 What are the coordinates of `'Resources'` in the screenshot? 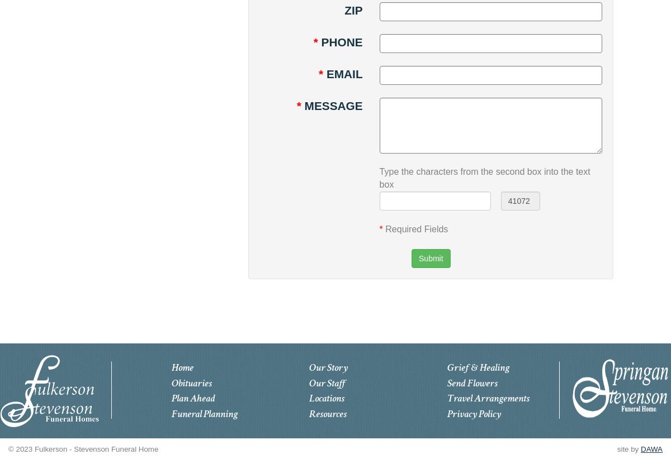 It's located at (327, 413).